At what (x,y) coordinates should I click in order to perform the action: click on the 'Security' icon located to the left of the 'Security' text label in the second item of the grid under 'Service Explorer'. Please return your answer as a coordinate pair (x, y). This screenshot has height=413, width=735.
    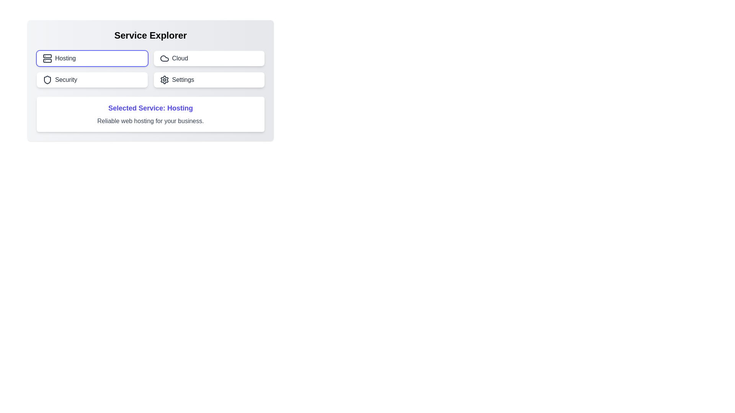
    Looking at the image, I should click on (47, 80).